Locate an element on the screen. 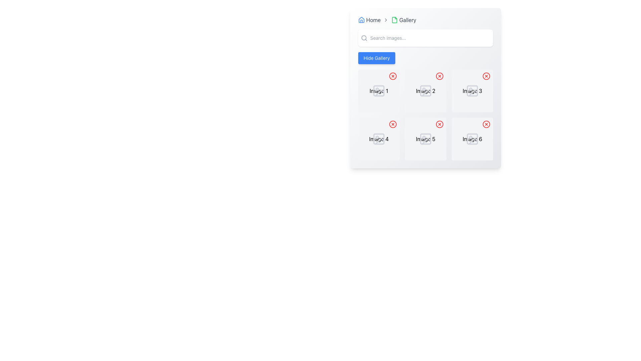 The width and height of the screenshot is (641, 361). the Gallery icon, which serves as a visual indicator for the Gallery section and is located to the left of the Gallery text label in the breadcrumb navigation bar is located at coordinates (395, 20).